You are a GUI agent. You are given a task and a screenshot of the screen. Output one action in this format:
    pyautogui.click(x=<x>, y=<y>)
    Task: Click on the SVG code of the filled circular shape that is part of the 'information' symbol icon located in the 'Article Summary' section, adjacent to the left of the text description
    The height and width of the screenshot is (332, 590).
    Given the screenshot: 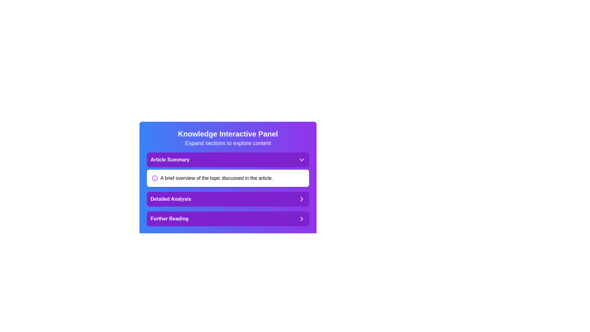 What is the action you would take?
    pyautogui.click(x=155, y=178)
    